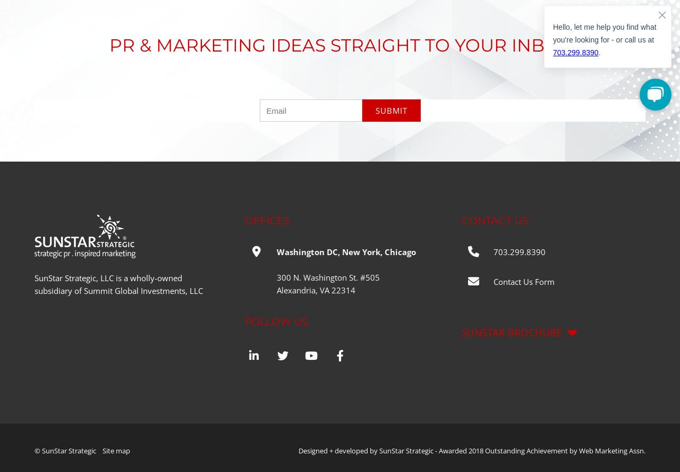 The image size is (680, 472). Describe the element at coordinates (461, 220) in the screenshot. I see `'Contact Us'` at that location.